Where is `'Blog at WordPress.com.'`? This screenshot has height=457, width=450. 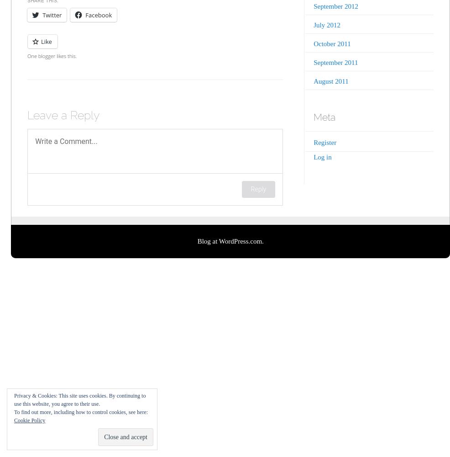
'Blog at WordPress.com.' is located at coordinates (230, 241).